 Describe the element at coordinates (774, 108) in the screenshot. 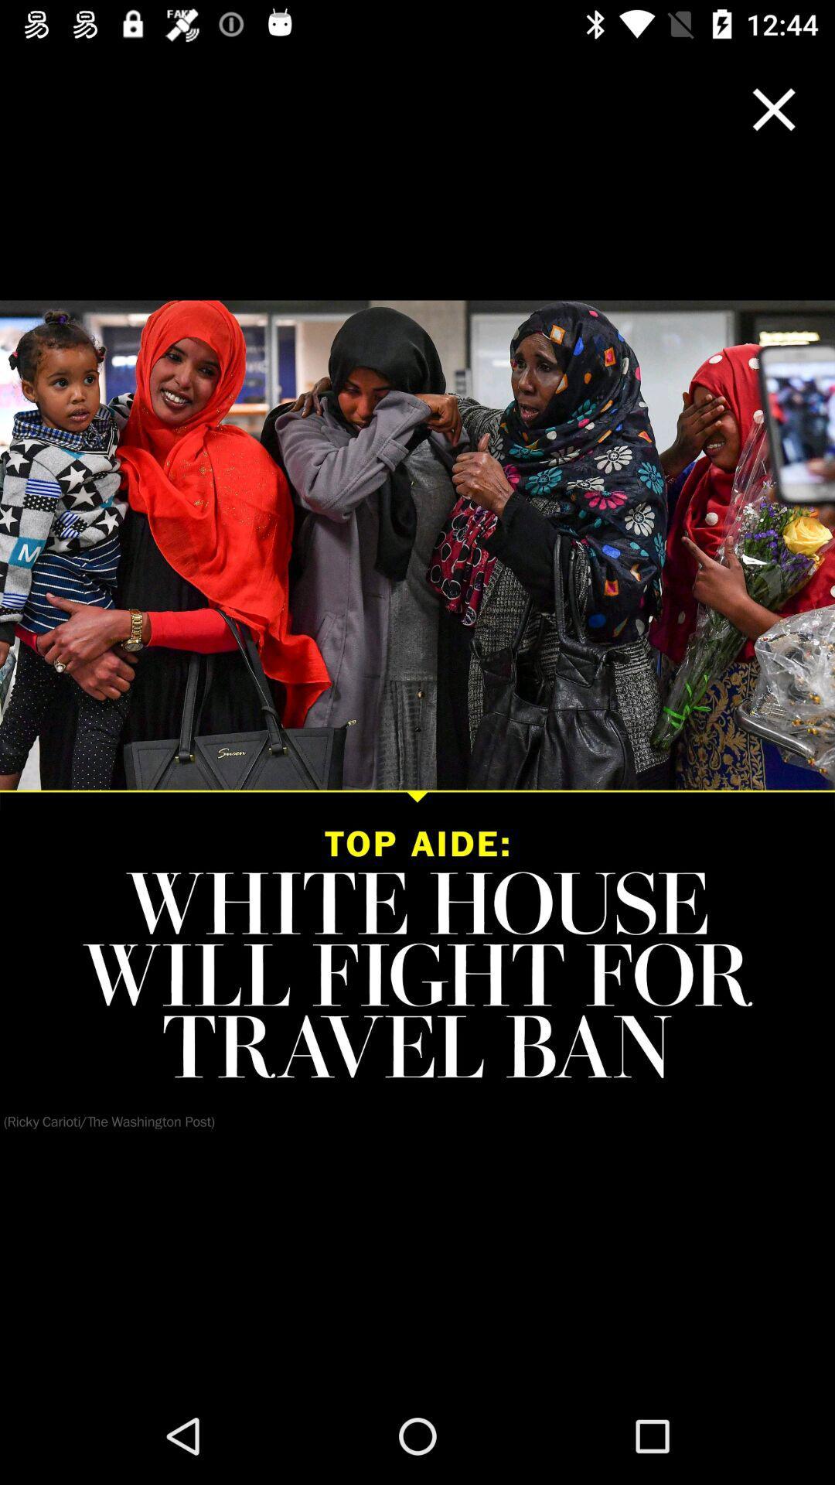

I see `out of this article` at that location.